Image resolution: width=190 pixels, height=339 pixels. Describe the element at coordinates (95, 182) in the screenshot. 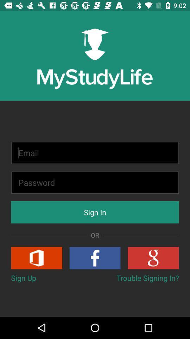

I see `a password` at that location.